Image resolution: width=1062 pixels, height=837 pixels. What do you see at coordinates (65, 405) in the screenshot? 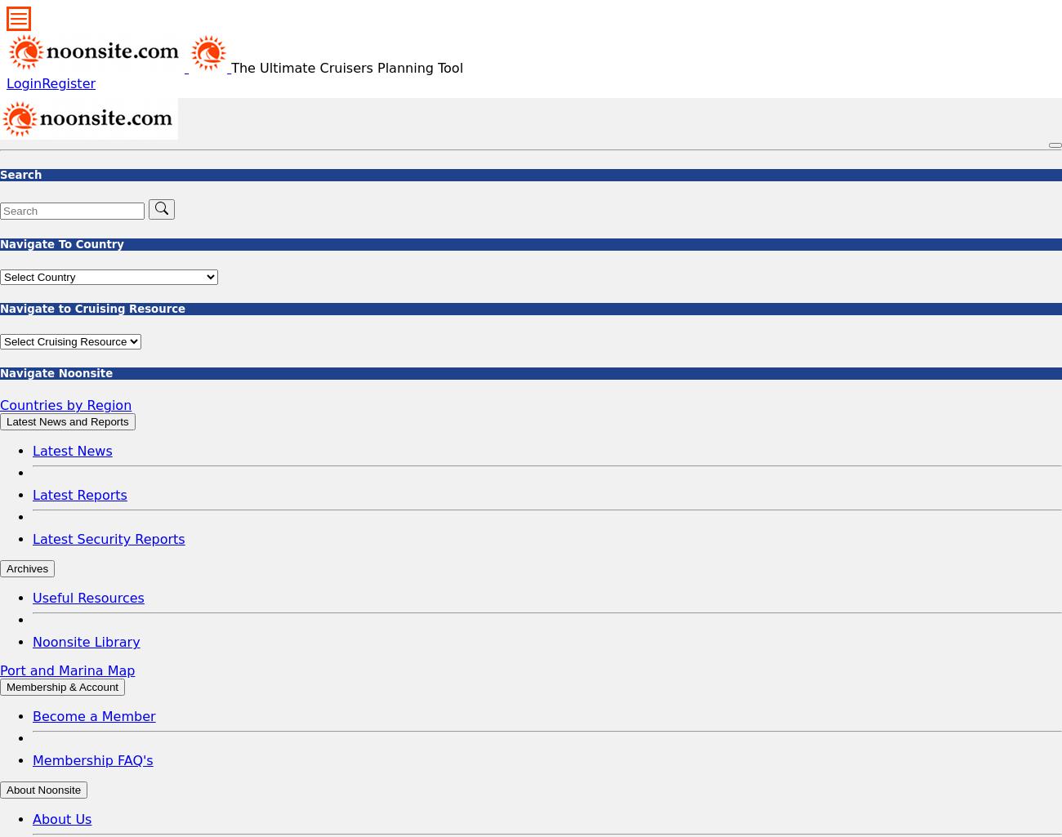
I see `'Countries by Region'` at bounding box center [65, 405].